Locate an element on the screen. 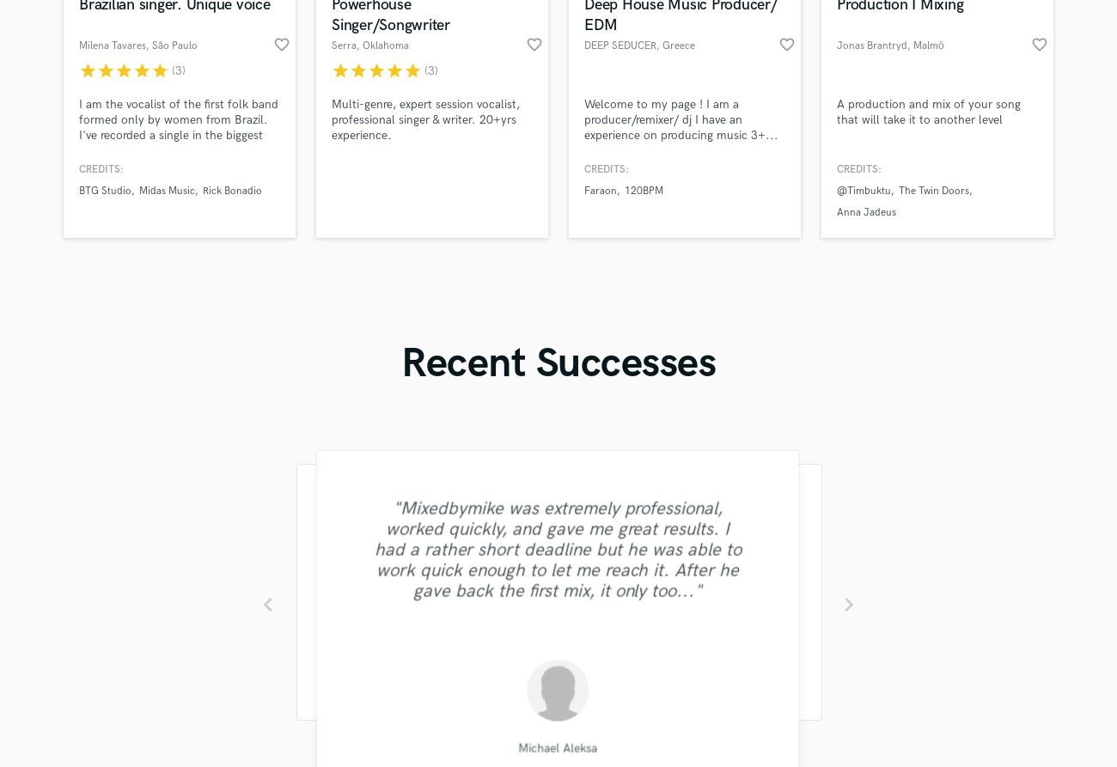  'Sefi Carmel' is located at coordinates (543, 740).